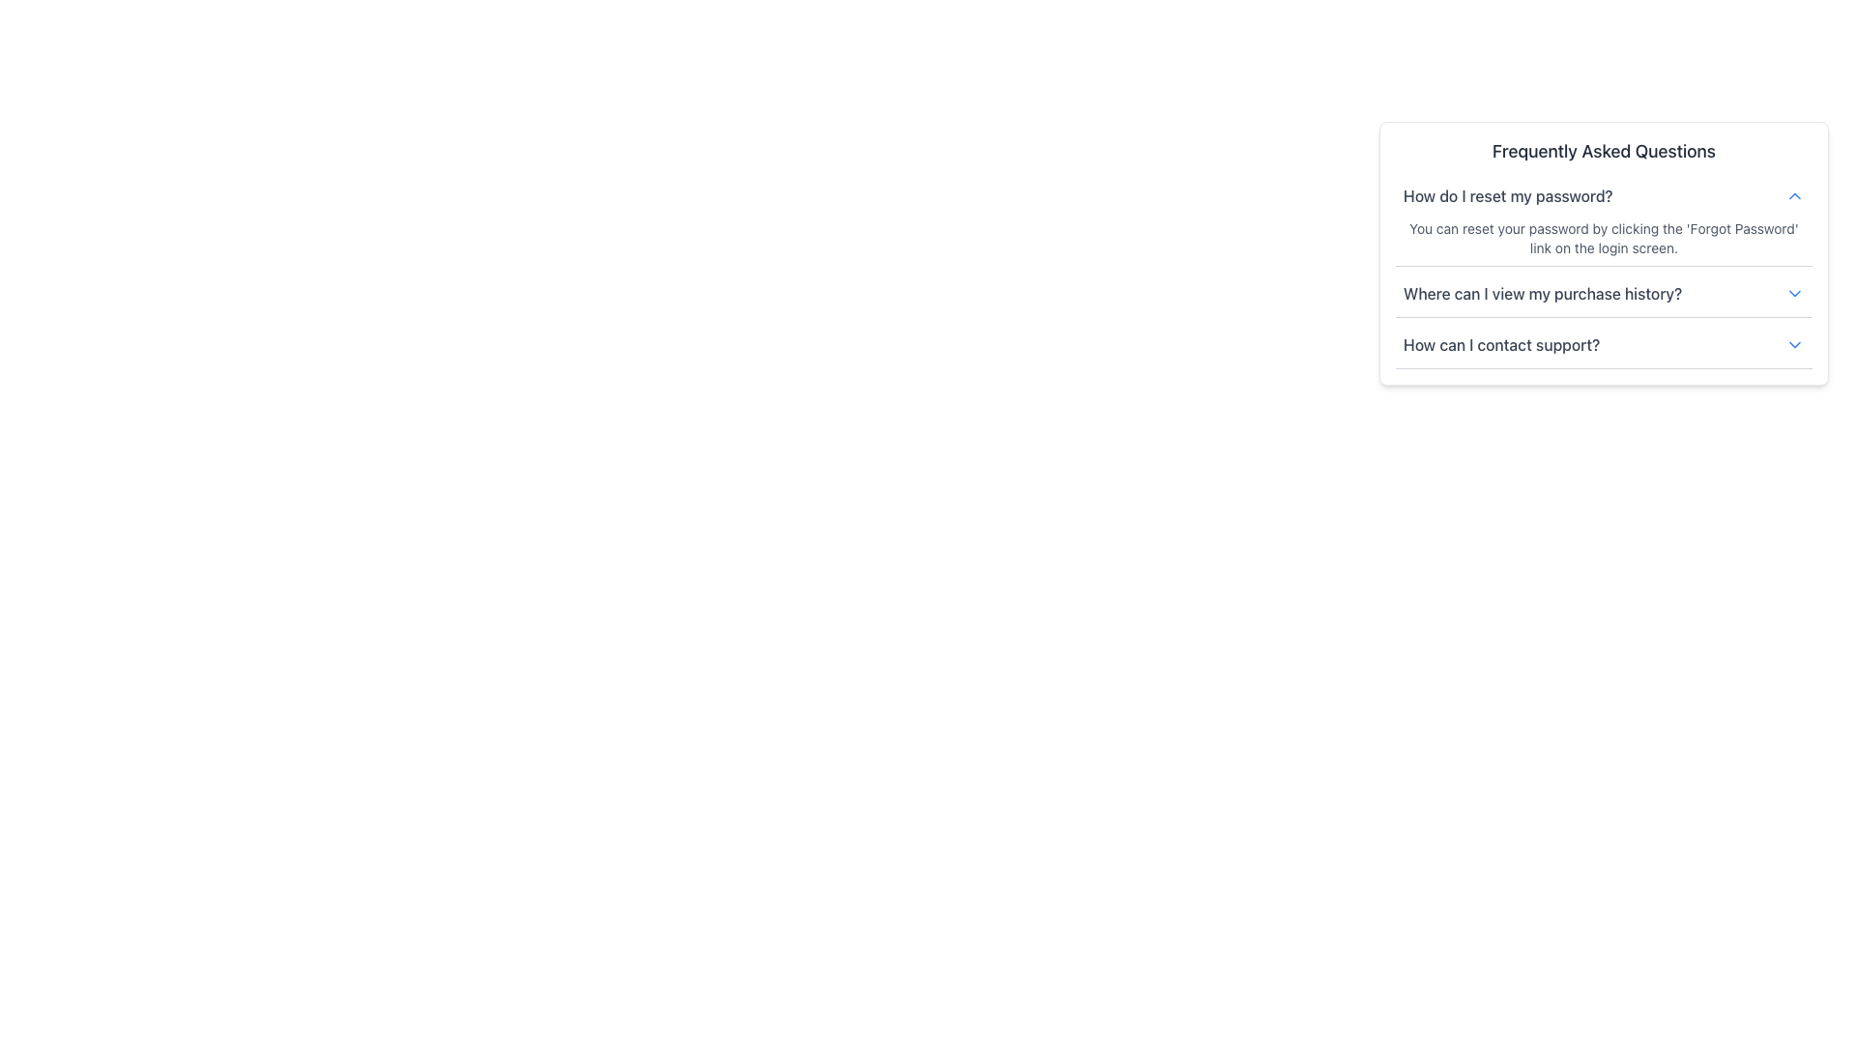  Describe the element at coordinates (1794, 196) in the screenshot. I see `the interactive toggle icon located on the right side of the FAQ header 'How do I reset my password?'` at that location.